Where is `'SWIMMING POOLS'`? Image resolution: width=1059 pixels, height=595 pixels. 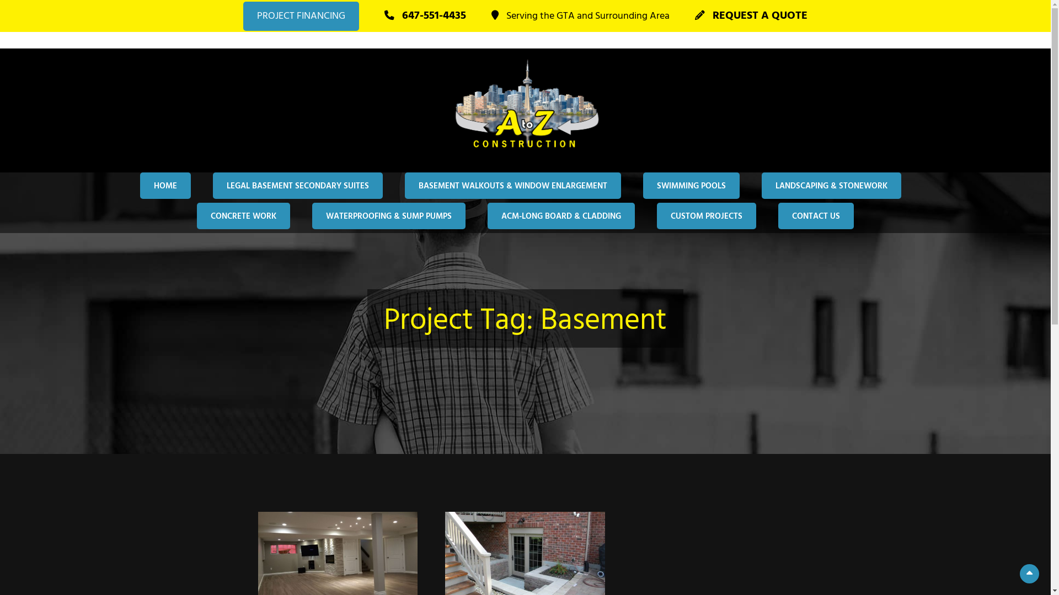
'SWIMMING POOLS' is located at coordinates (691, 184).